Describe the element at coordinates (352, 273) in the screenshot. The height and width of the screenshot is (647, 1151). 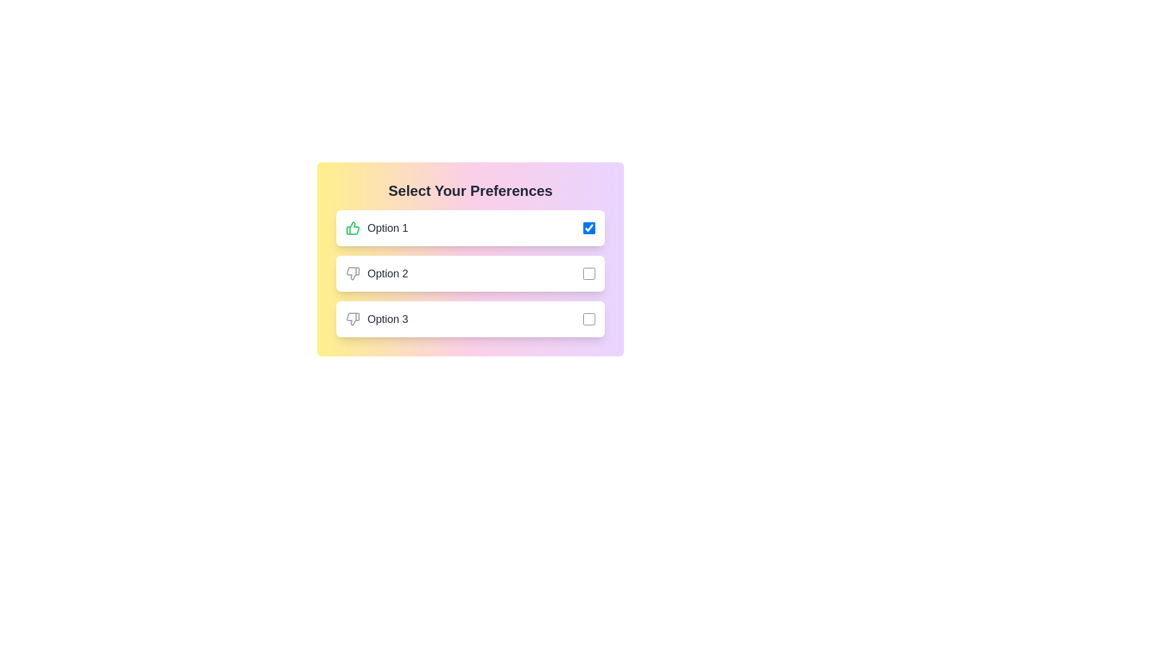
I see `the dislike icon, which is the leftmost element in the second row of options` at that location.